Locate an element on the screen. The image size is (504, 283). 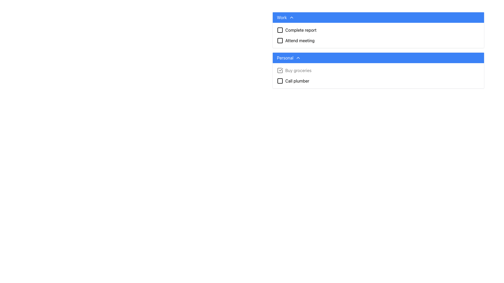
the 'Call plumber' label is located at coordinates (297, 81).